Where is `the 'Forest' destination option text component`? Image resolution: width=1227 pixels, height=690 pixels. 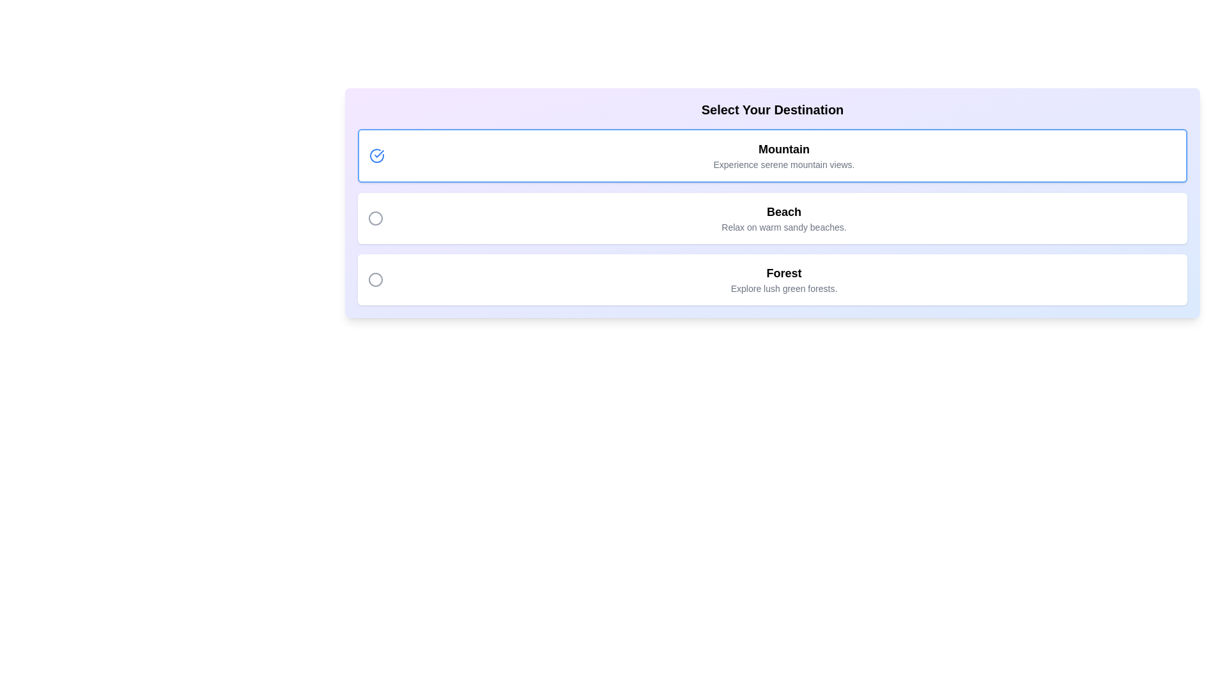 the 'Forest' destination option text component is located at coordinates (783, 279).